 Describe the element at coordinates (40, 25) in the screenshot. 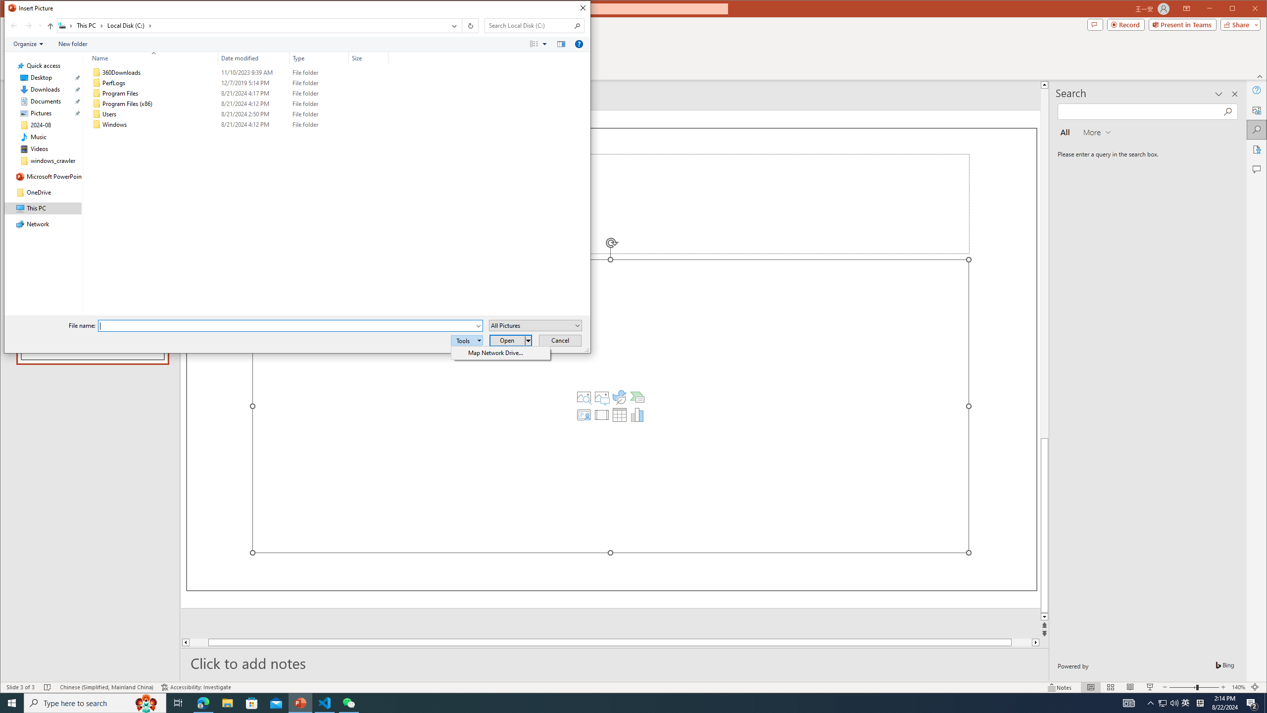

I see `'Recent locations'` at that location.